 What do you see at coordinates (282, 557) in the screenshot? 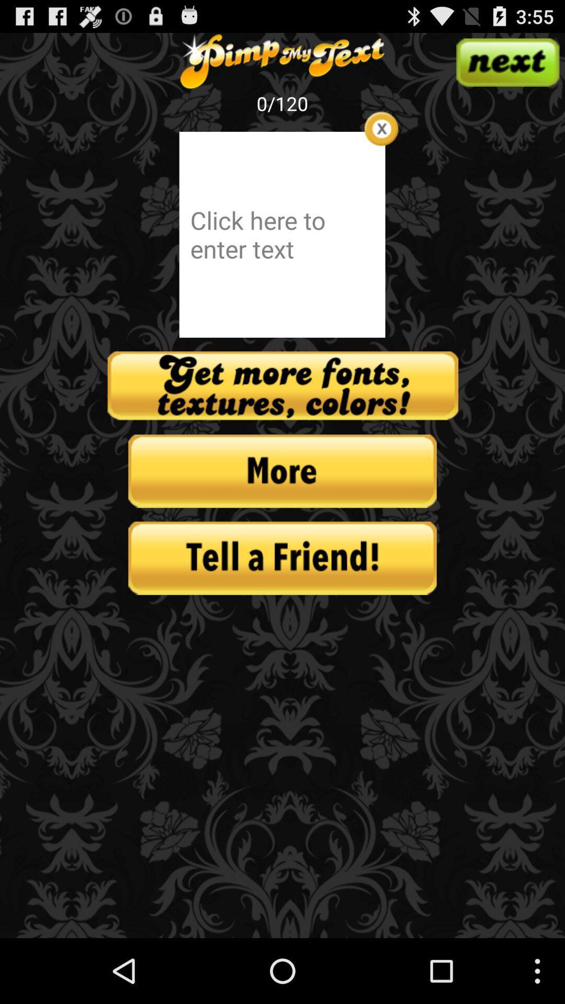
I see `go gto friend` at bounding box center [282, 557].